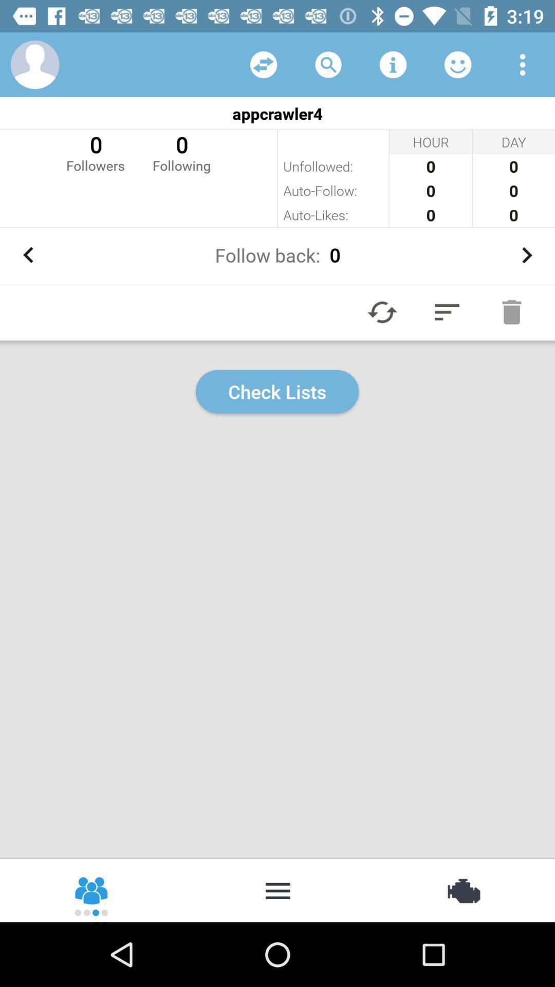  Describe the element at coordinates (95, 152) in the screenshot. I see `icon next to the 0` at that location.